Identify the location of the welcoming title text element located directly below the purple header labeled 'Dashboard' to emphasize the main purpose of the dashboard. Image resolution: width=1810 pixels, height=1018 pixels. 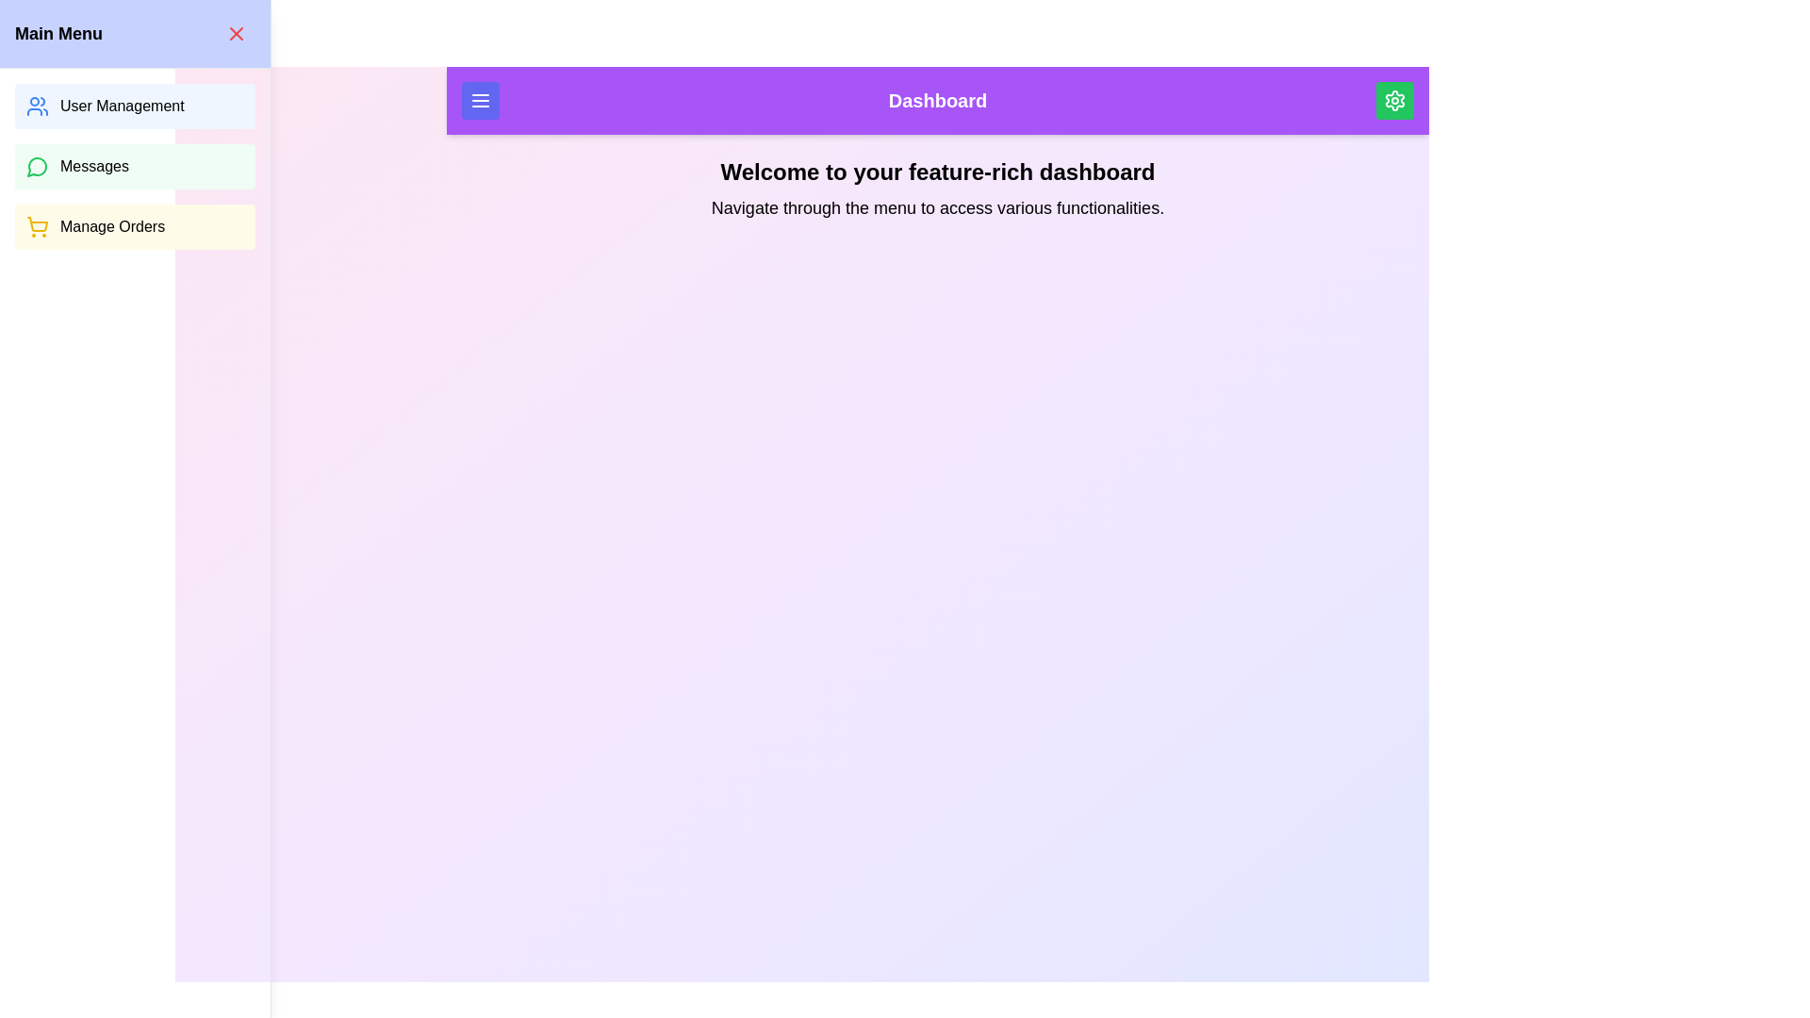
(937, 172).